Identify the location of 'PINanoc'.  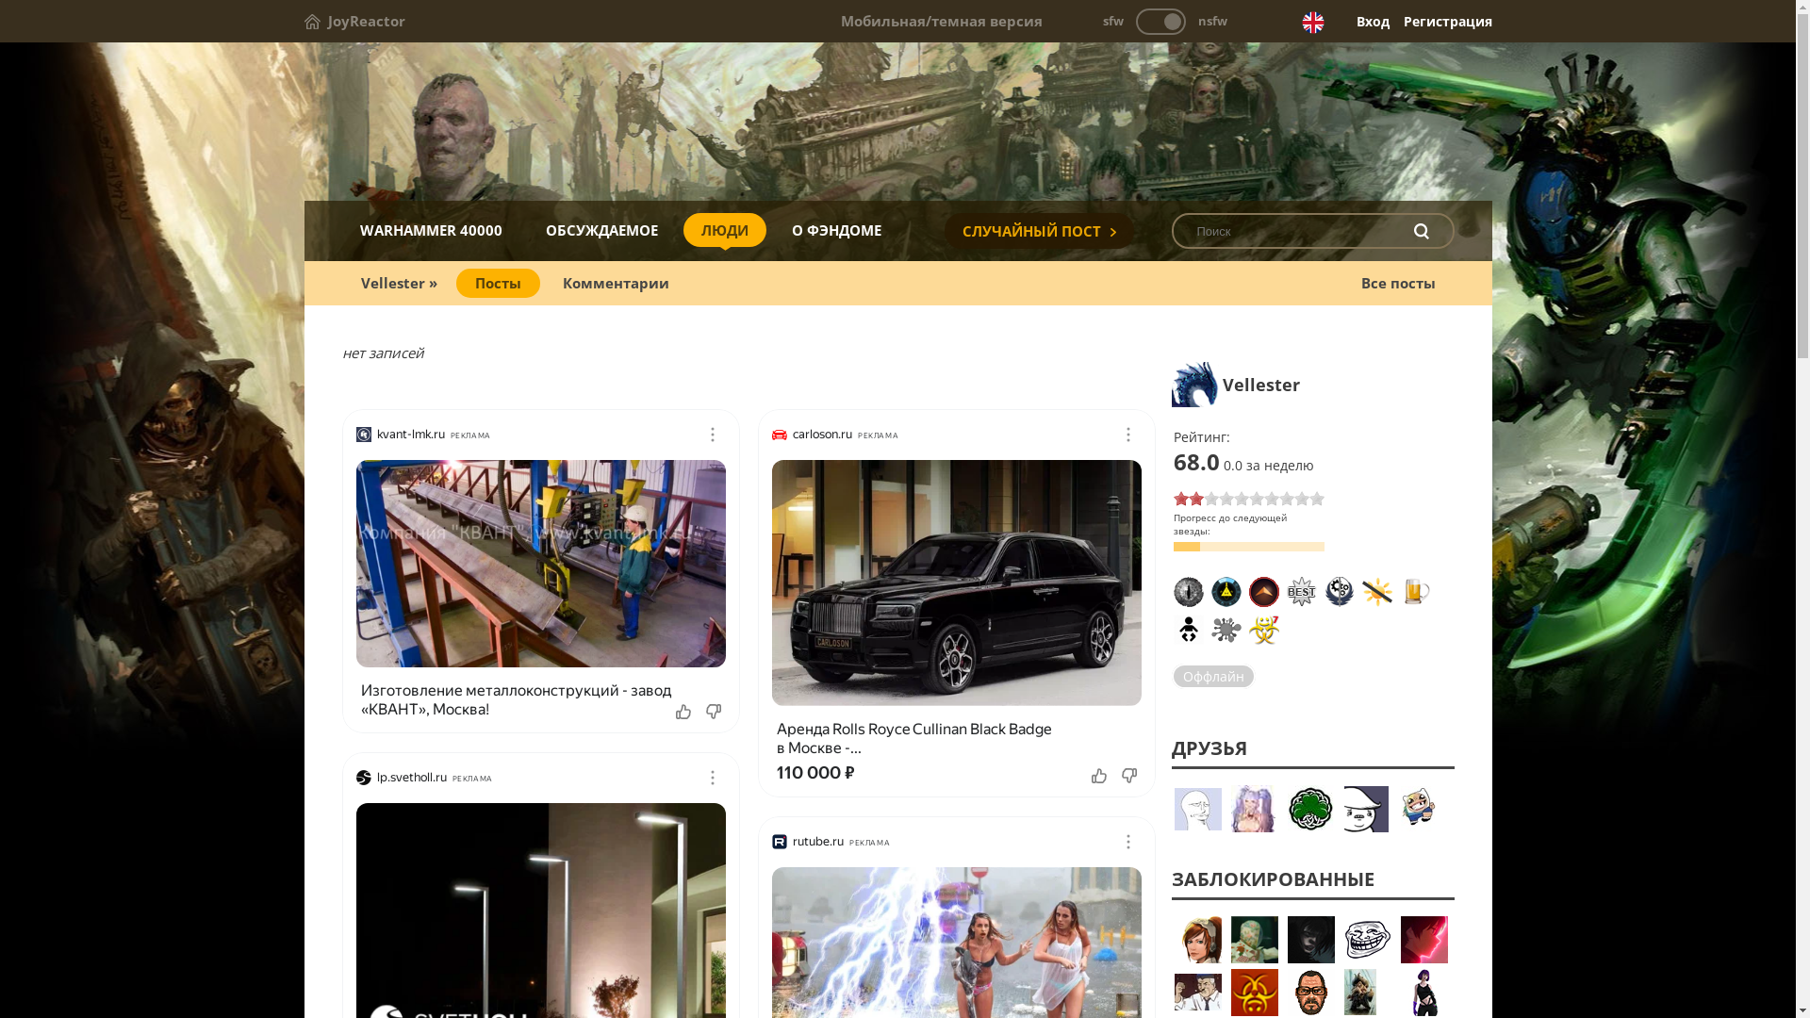
(1310, 992).